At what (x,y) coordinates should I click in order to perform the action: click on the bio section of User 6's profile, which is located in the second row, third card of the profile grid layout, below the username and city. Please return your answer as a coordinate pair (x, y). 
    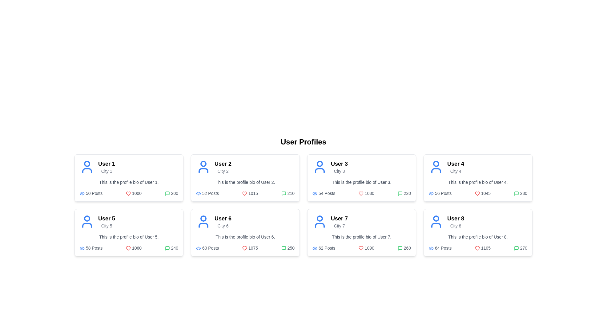
    Looking at the image, I should click on (245, 237).